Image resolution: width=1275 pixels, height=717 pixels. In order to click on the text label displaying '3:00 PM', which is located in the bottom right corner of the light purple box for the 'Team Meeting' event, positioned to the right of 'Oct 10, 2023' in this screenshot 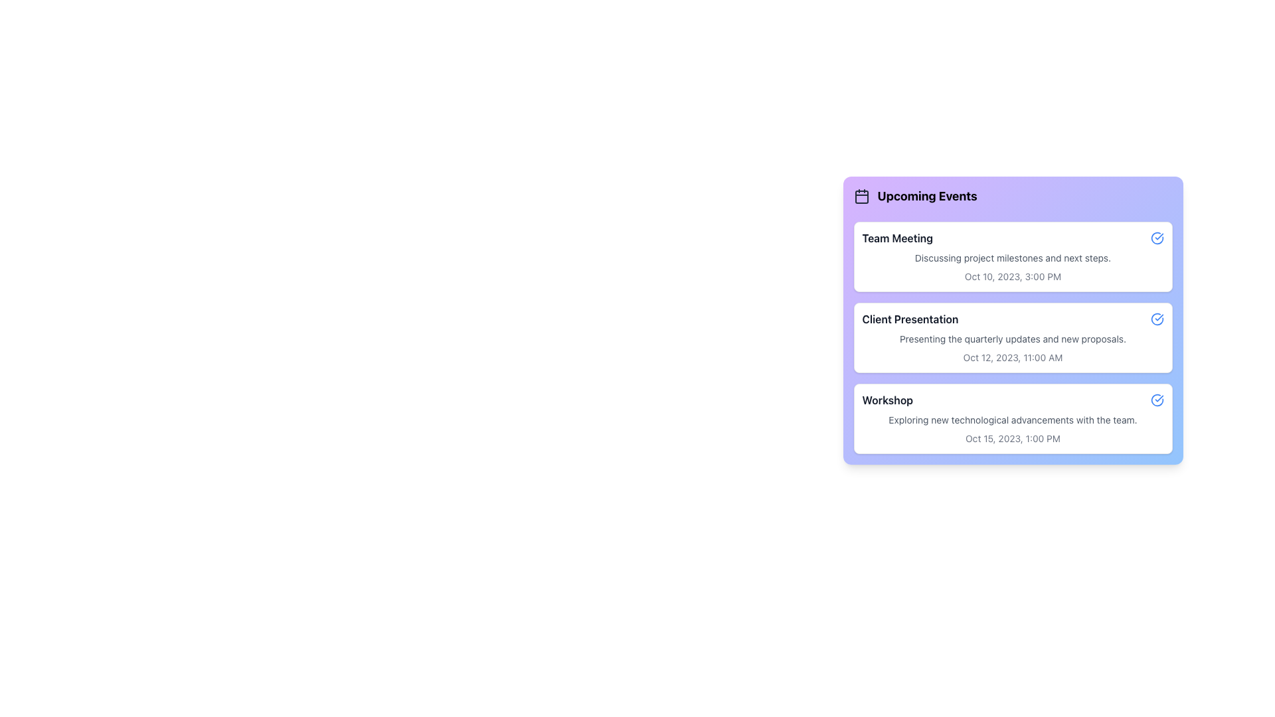, I will do `click(1042, 276)`.